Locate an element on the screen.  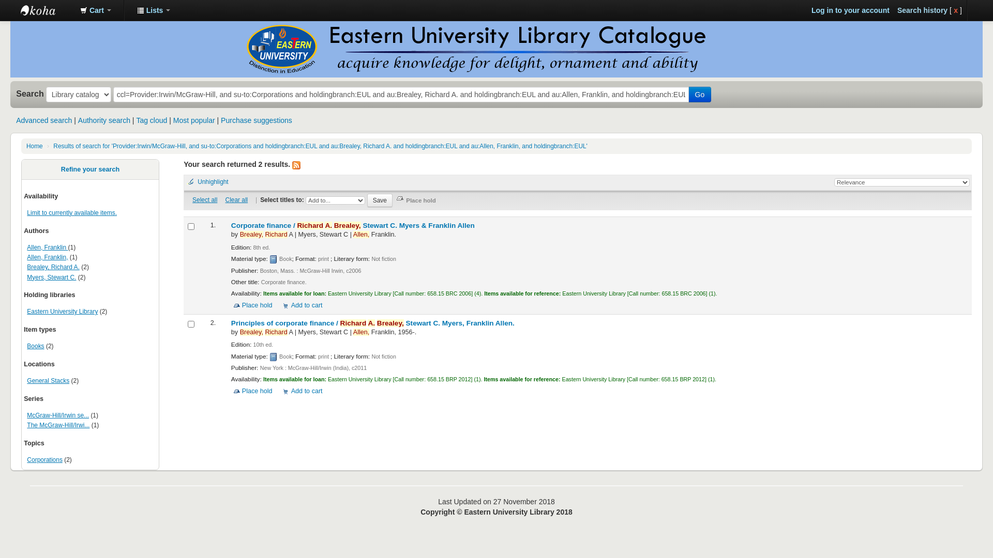
'Authority search' is located at coordinates (104, 119).